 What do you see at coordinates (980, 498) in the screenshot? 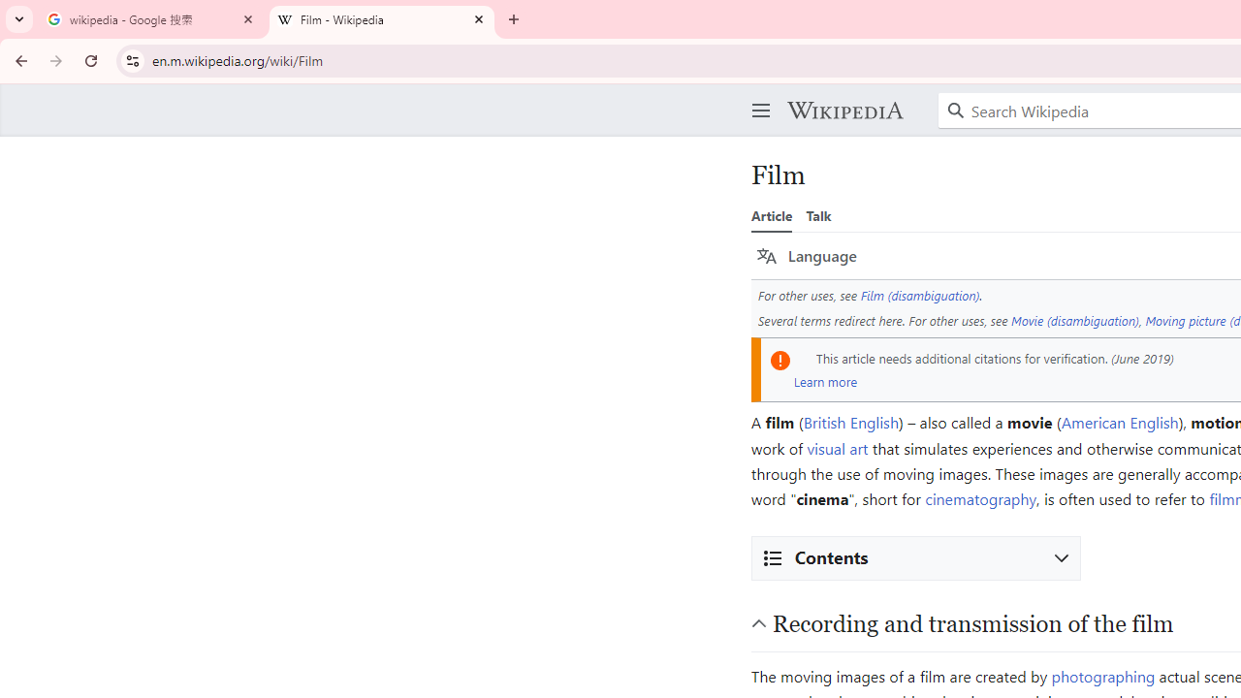
I see `'cinematography'` at bounding box center [980, 498].